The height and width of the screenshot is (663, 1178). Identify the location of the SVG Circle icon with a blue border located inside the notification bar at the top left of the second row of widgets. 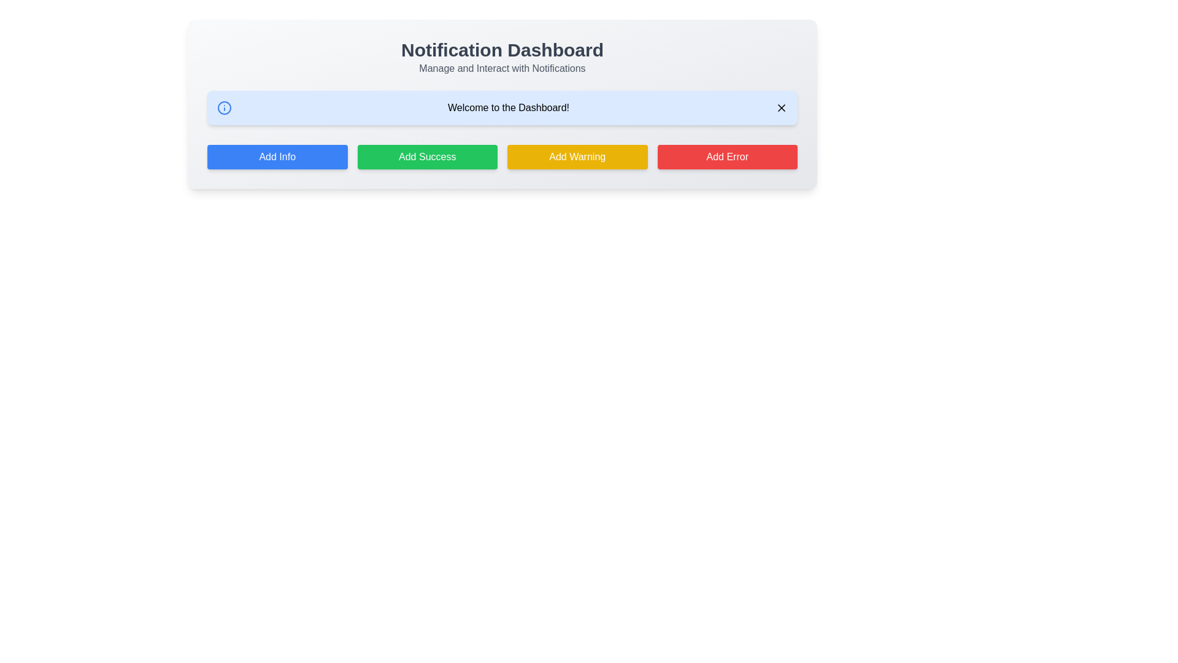
(224, 107).